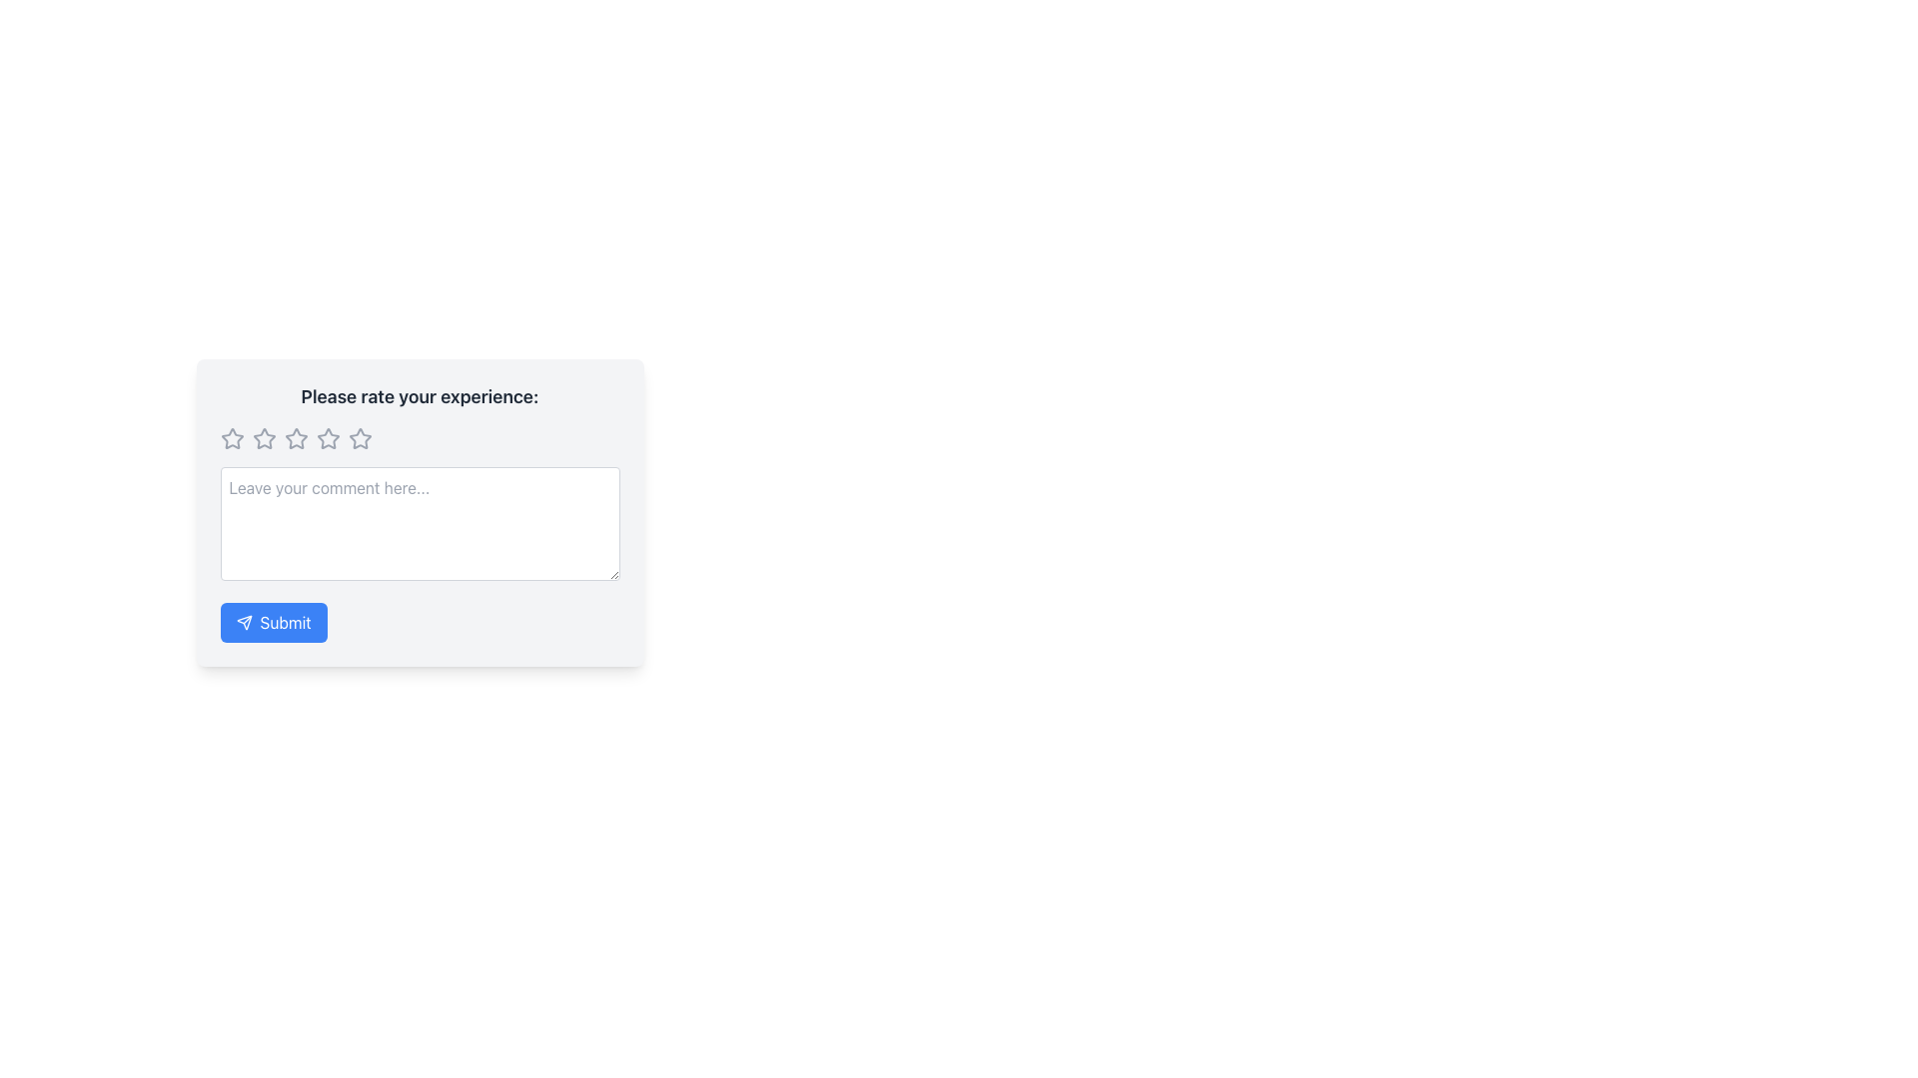 Image resolution: width=1918 pixels, height=1078 pixels. What do you see at coordinates (263, 437) in the screenshot?
I see `the second star-shaped icon in the rating panel` at bounding box center [263, 437].